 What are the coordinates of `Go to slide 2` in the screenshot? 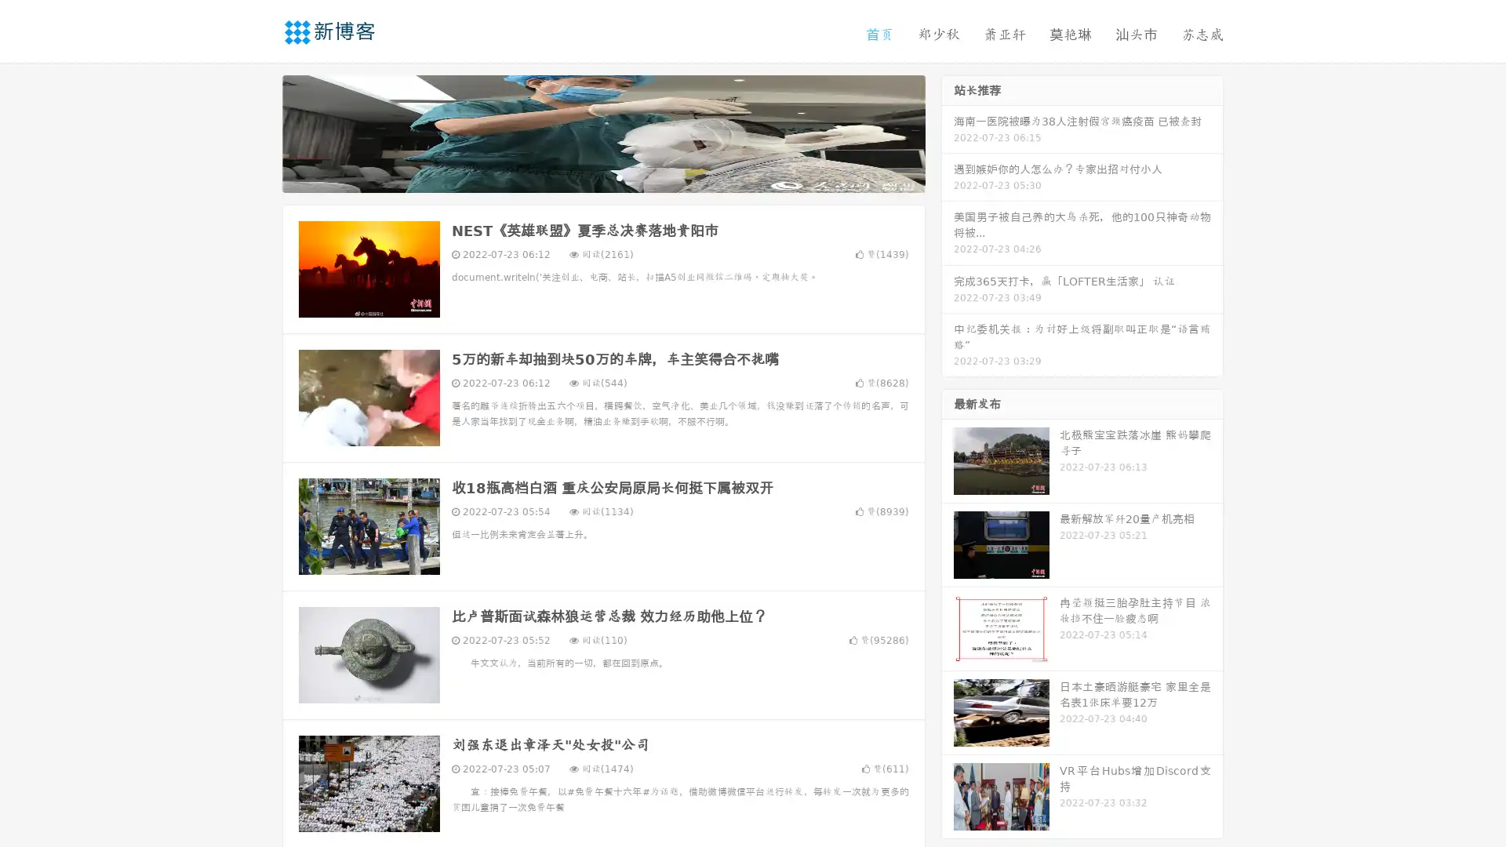 It's located at (602, 176).